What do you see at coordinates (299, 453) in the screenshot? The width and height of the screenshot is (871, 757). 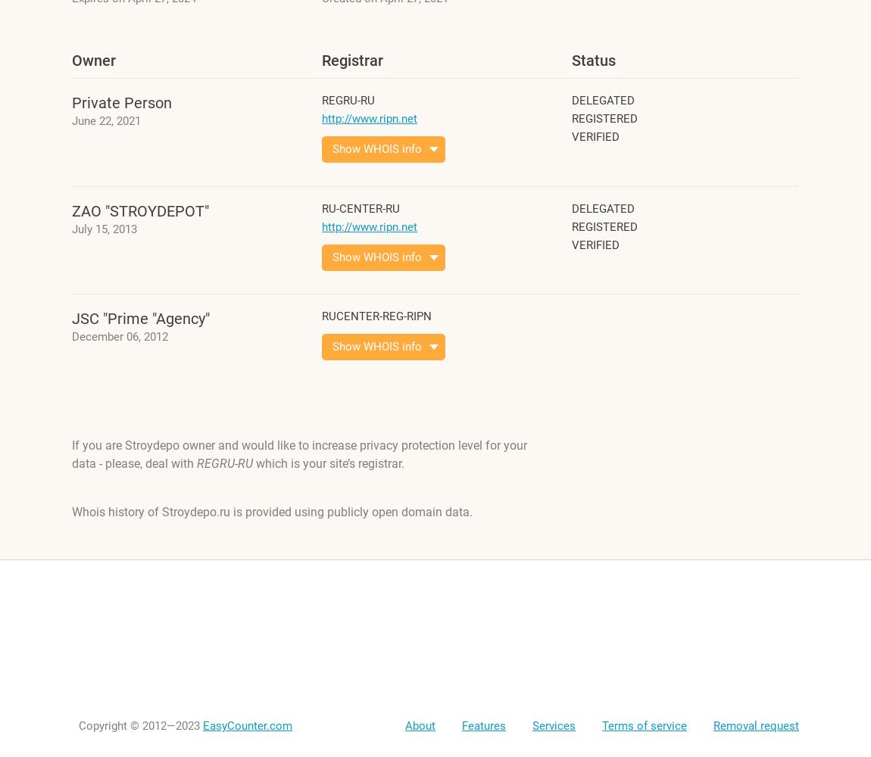 I see `'If you are Stroydepo owner and would like to increase privacy protection level for your data - please, deal with'` at bounding box center [299, 453].